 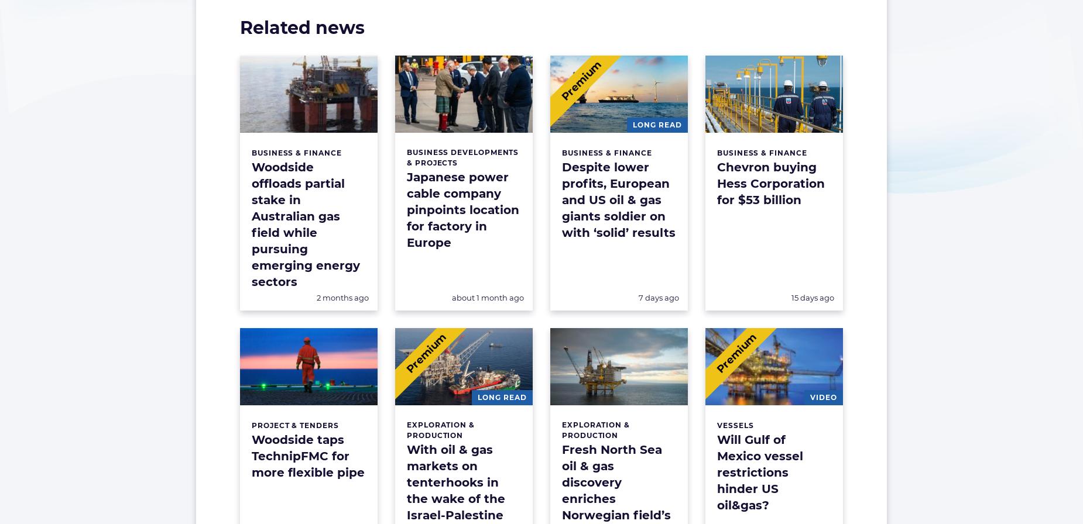 What do you see at coordinates (813, 297) in the screenshot?
I see `'15 days ago'` at bounding box center [813, 297].